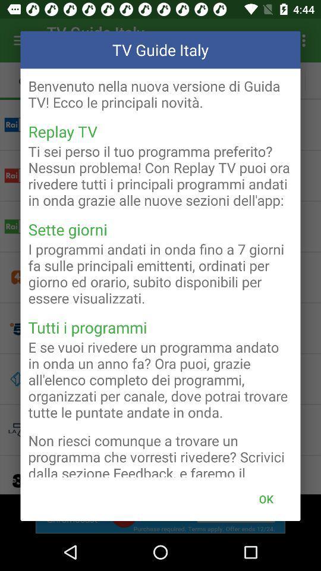 The width and height of the screenshot is (321, 571). I want to click on icon below the non riesci comunque icon, so click(266, 499).